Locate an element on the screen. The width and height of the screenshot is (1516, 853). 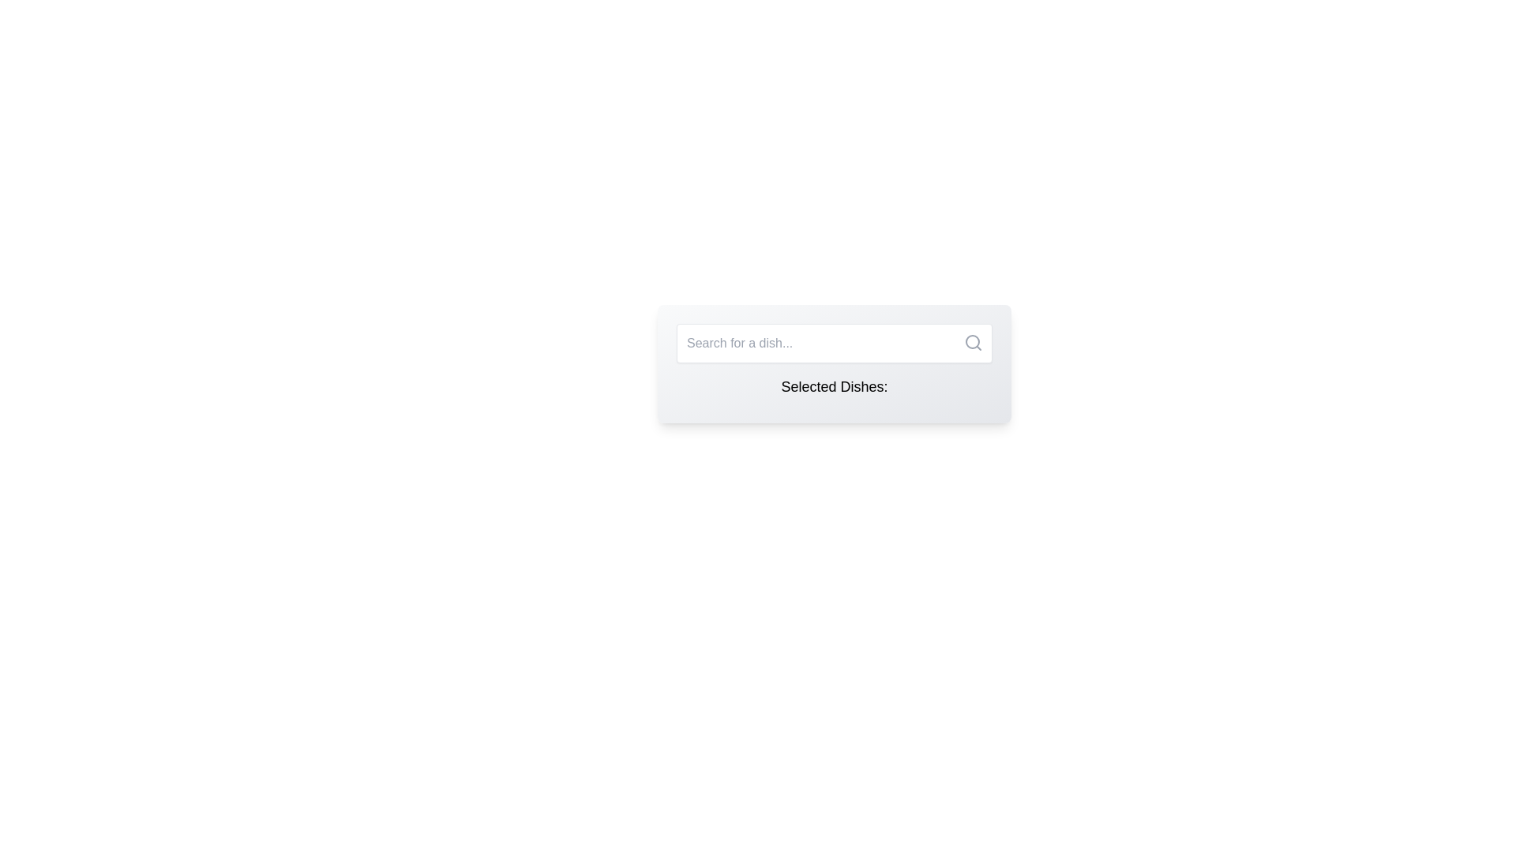
the circular vector graphical element that is part of the magnifying glass icon, located at the top-right corner of the input field is located at coordinates (972, 340).